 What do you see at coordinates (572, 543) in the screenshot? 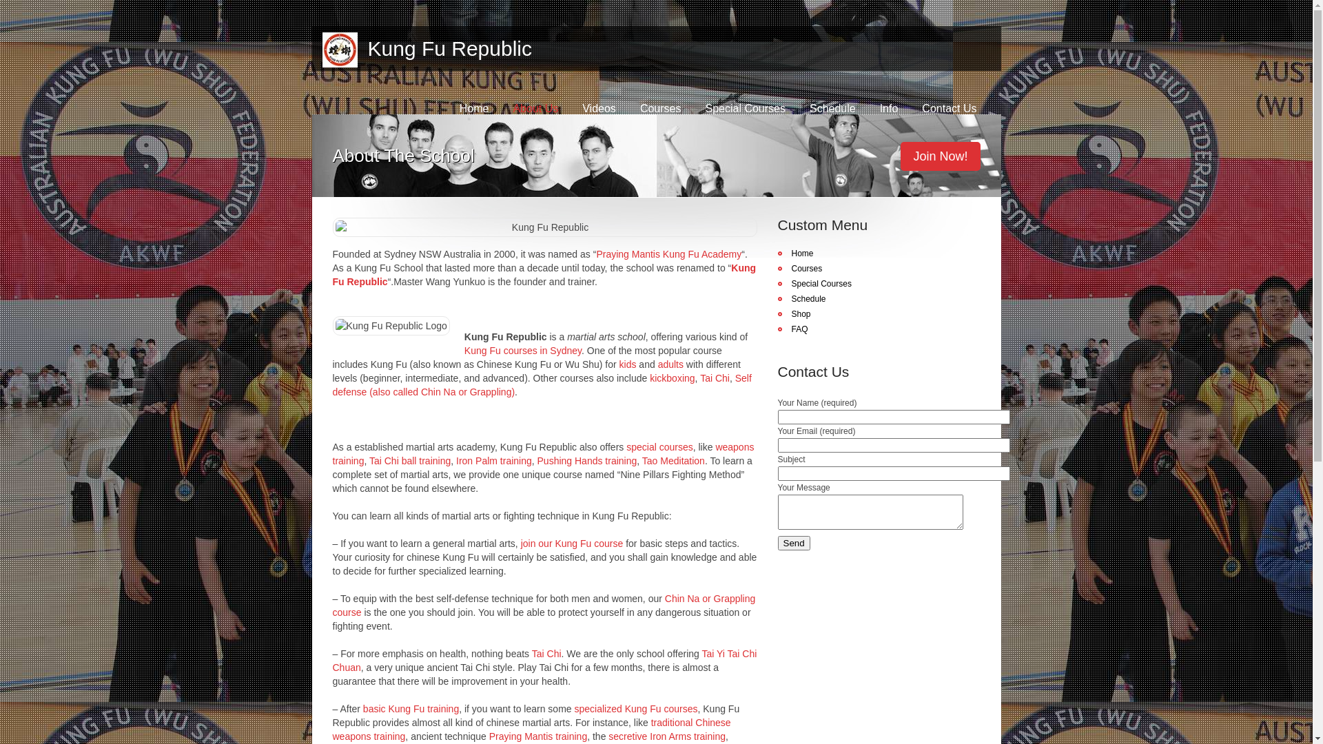
I see `'join our Kung Fu course'` at bounding box center [572, 543].